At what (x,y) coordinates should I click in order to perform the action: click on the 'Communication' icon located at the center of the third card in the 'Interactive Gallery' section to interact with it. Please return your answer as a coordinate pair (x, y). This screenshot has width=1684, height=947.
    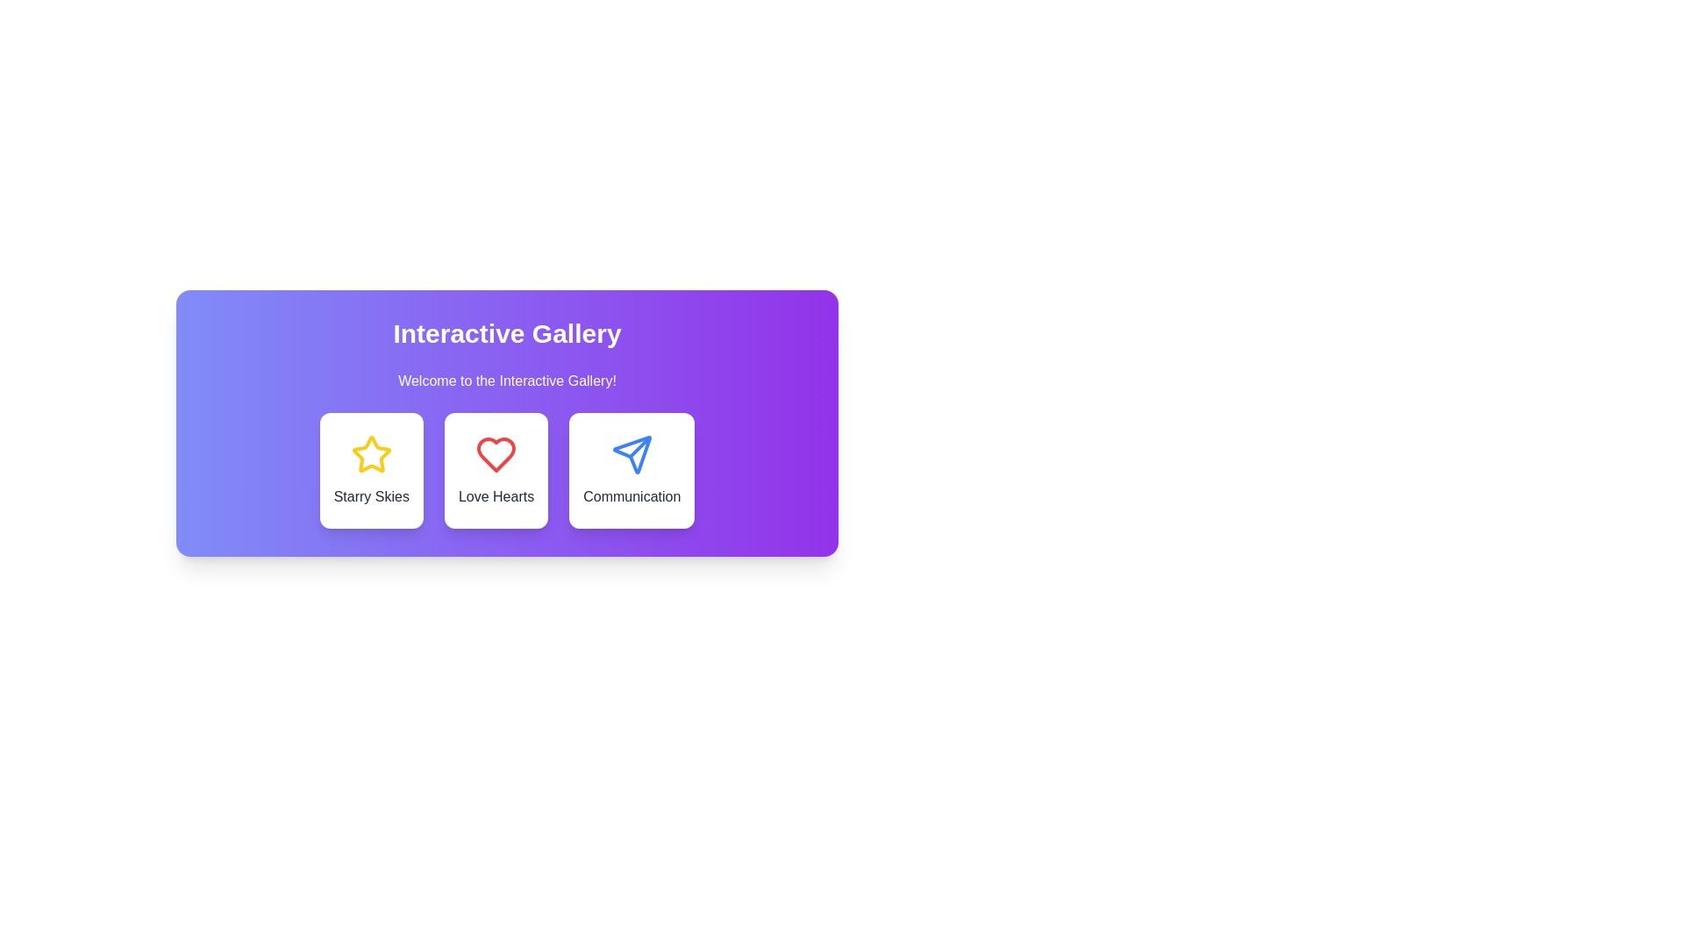
    Looking at the image, I should click on (631, 454).